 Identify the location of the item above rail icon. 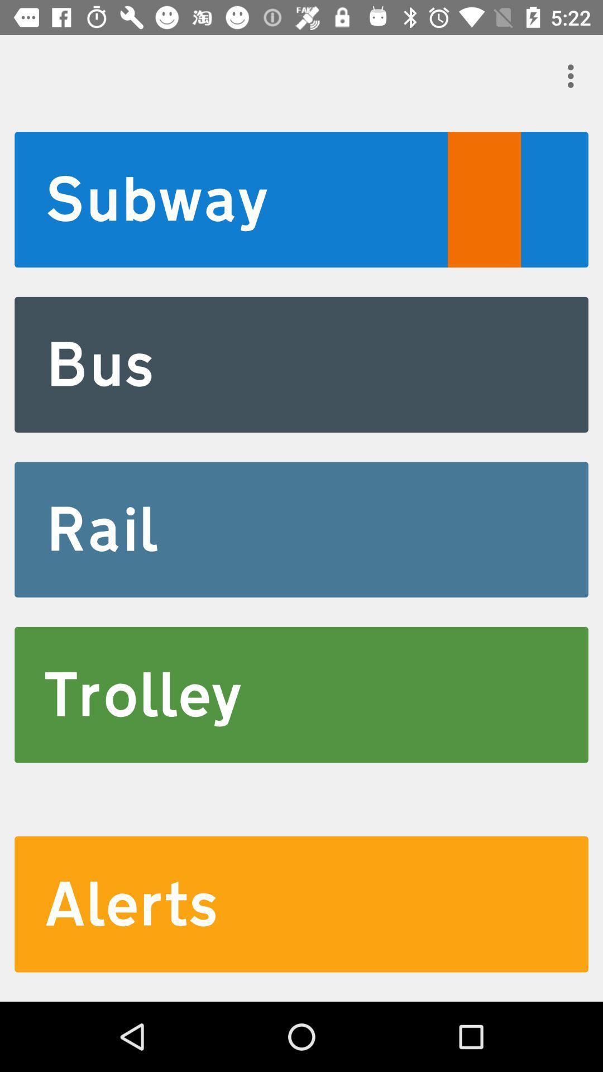
(301, 365).